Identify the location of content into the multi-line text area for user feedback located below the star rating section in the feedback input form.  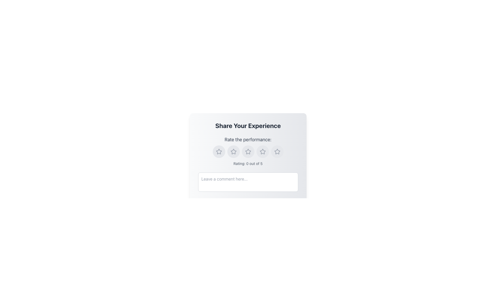
(248, 182).